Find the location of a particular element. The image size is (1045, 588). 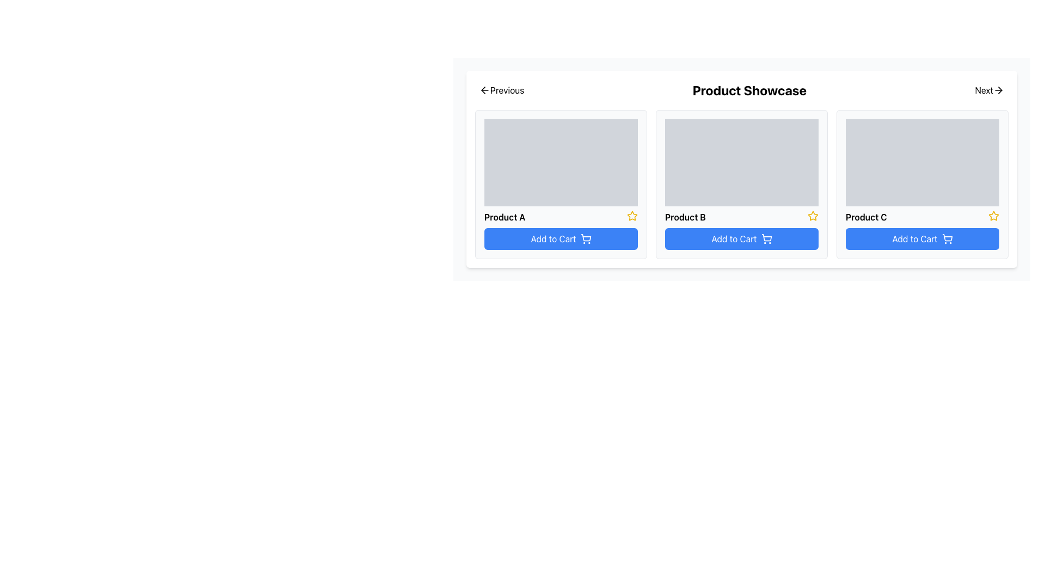

the central portion of the shopping cart icon located within the blue 'Add to Cart' button for 'Product A', which enhances user recognition of the button's purpose is located at coordinates (585, 237).